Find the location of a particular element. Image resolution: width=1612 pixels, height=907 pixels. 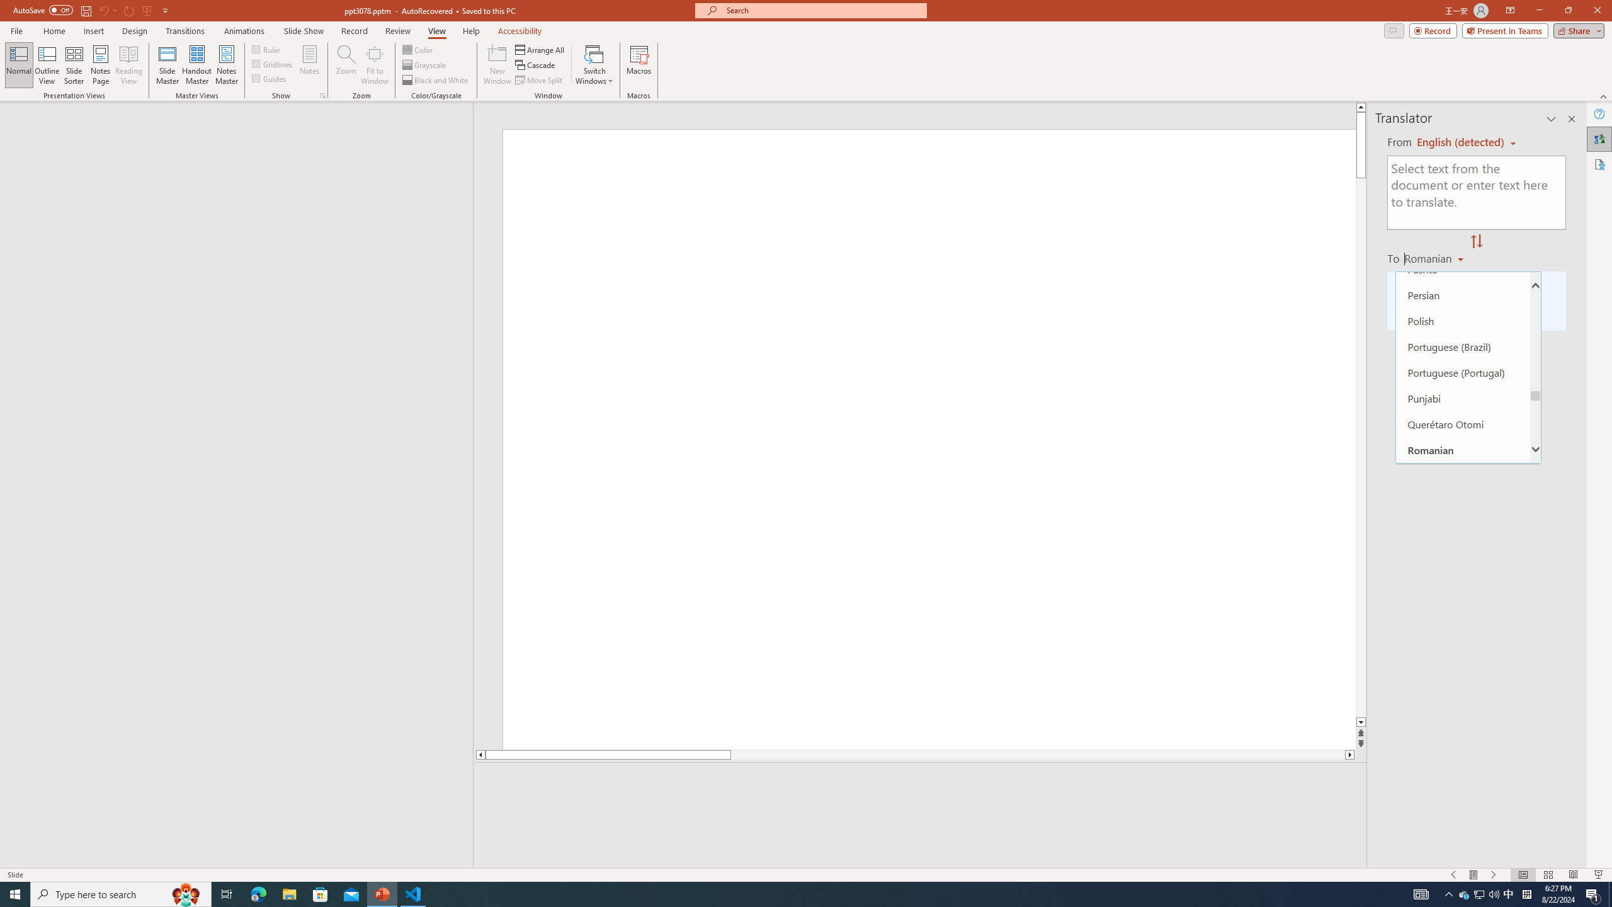

'Outline View' is located at coordinates (47, 65).